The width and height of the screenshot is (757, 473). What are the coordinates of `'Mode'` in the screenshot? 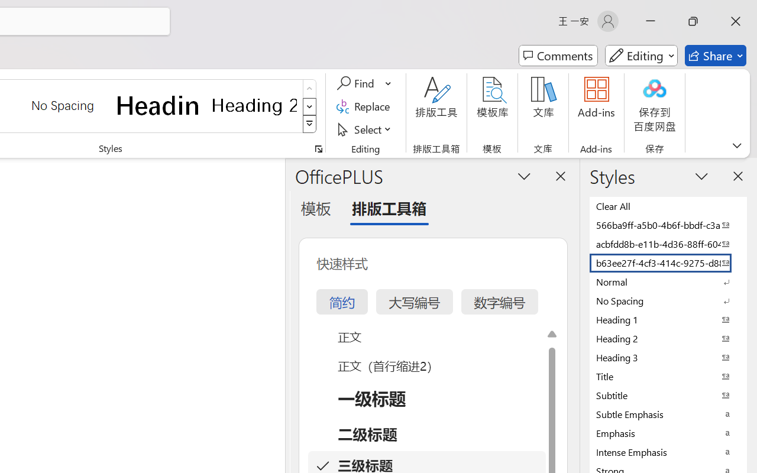 It's located at (640, 56).